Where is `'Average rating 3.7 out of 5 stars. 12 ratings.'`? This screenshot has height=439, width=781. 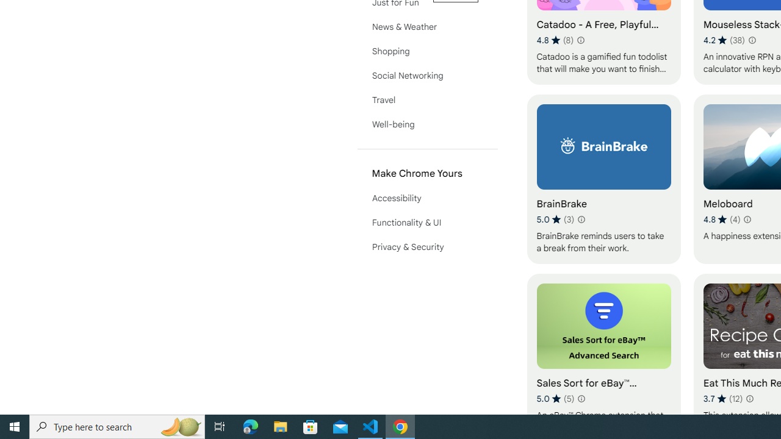
'Average rating 3.7 out of 5 stars. 12 ratings.' is located at coordinates (723, 398).